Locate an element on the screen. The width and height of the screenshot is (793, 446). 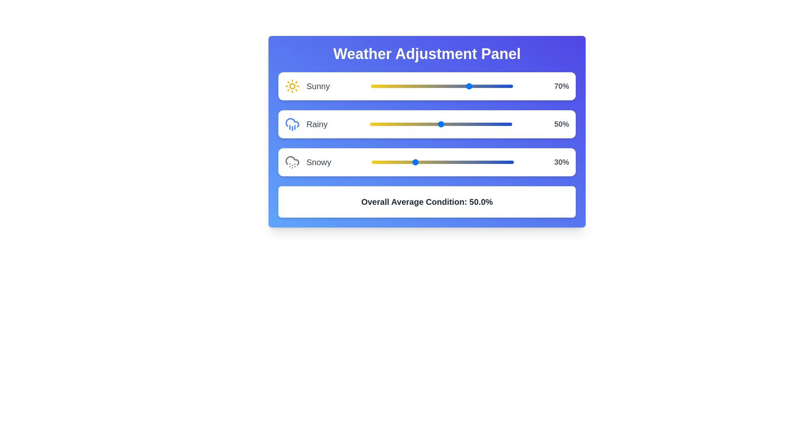
the 'Rainy' weather condition text label in the second row of the weather adjustment panel is located at coordinates (316, 124).